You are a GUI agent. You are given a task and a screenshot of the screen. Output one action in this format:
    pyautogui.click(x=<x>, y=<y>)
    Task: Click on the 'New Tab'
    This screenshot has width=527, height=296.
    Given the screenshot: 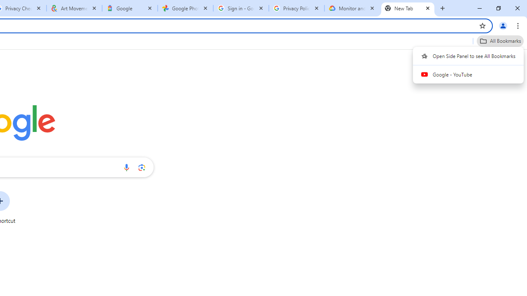 What is the action you would take?
    pyautogui.click(x=408, y=8)
    